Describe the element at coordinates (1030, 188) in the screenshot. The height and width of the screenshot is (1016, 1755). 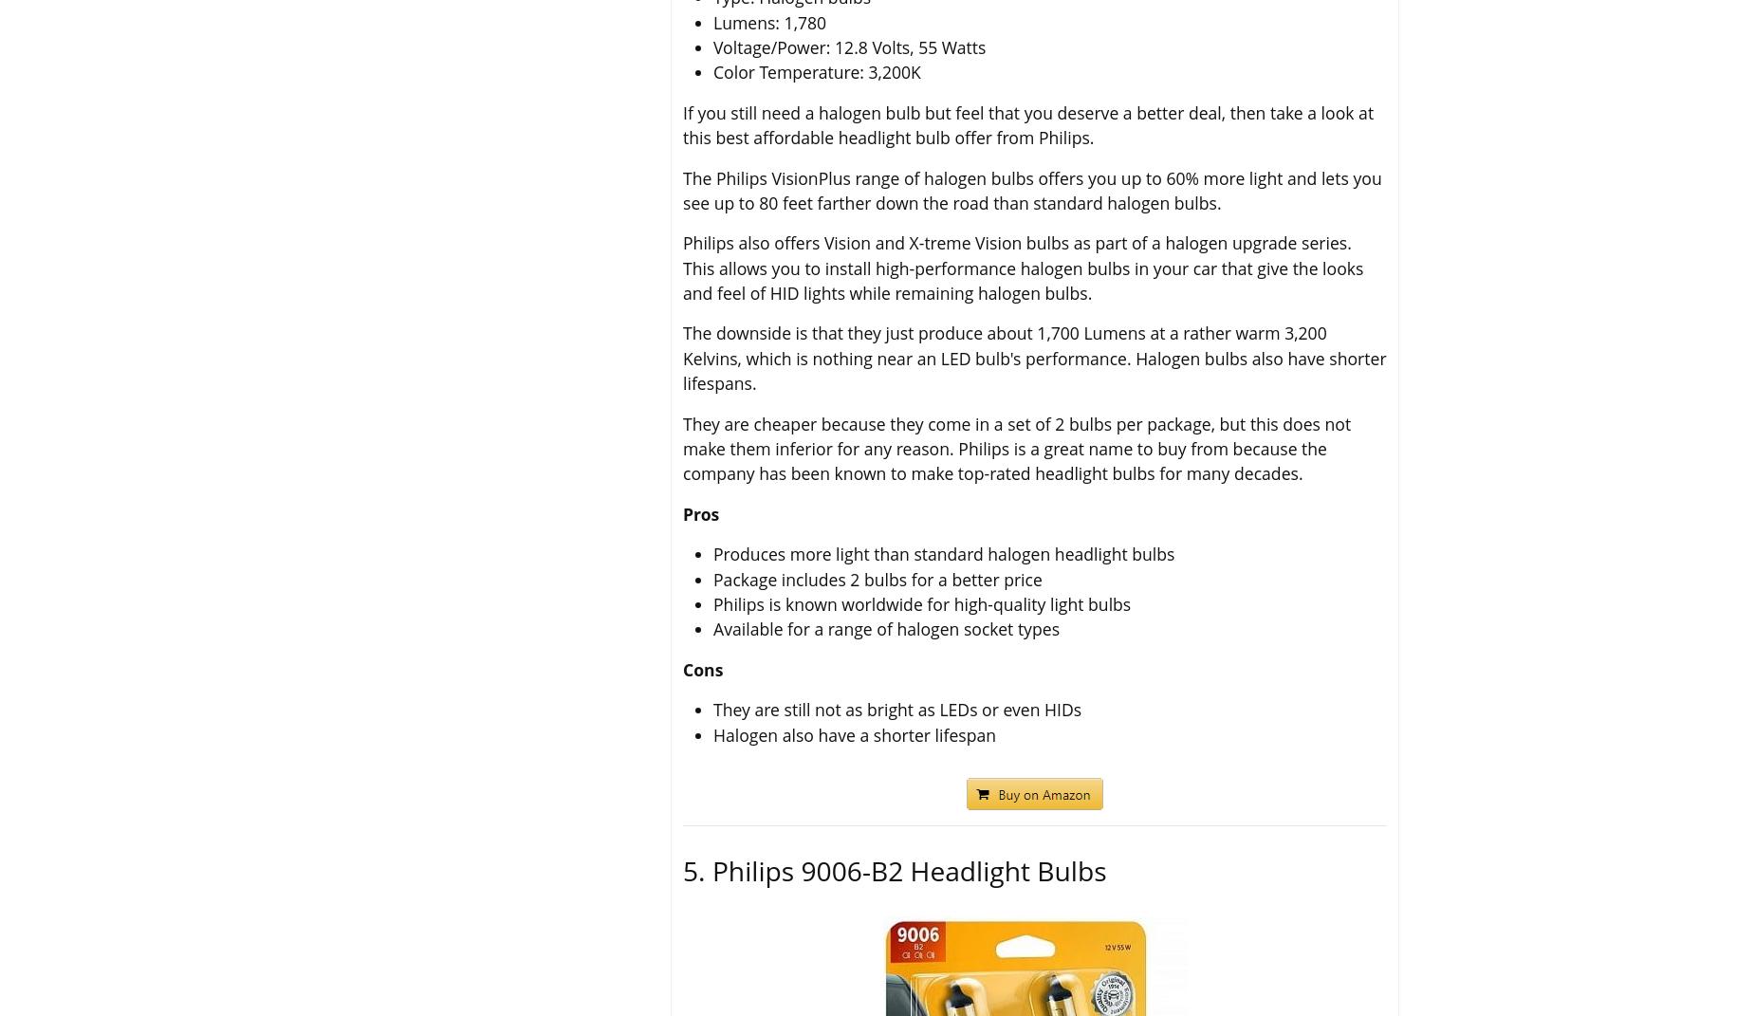
I see `'The Philips VisionPlus range of halogen bulbs offers you up to 60% more light and lets you see up to 80 feet farther down the road than standard halogen bulbs.'` at that location.